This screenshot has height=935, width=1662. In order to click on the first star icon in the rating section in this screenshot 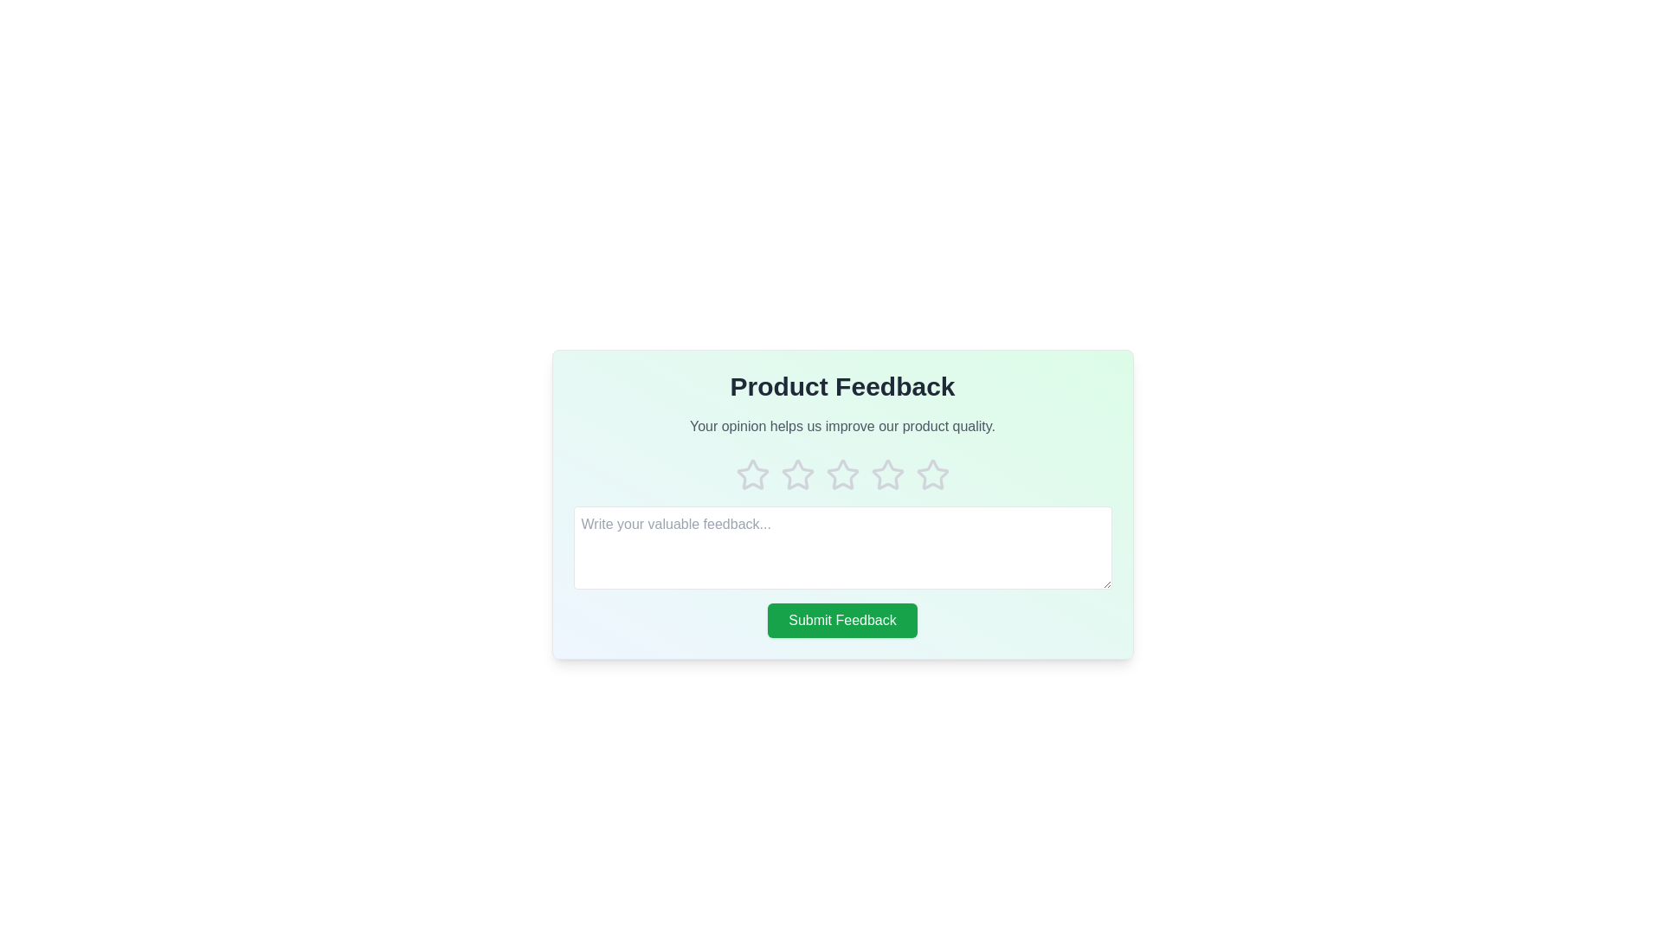, I will do `click(752, 474)`.